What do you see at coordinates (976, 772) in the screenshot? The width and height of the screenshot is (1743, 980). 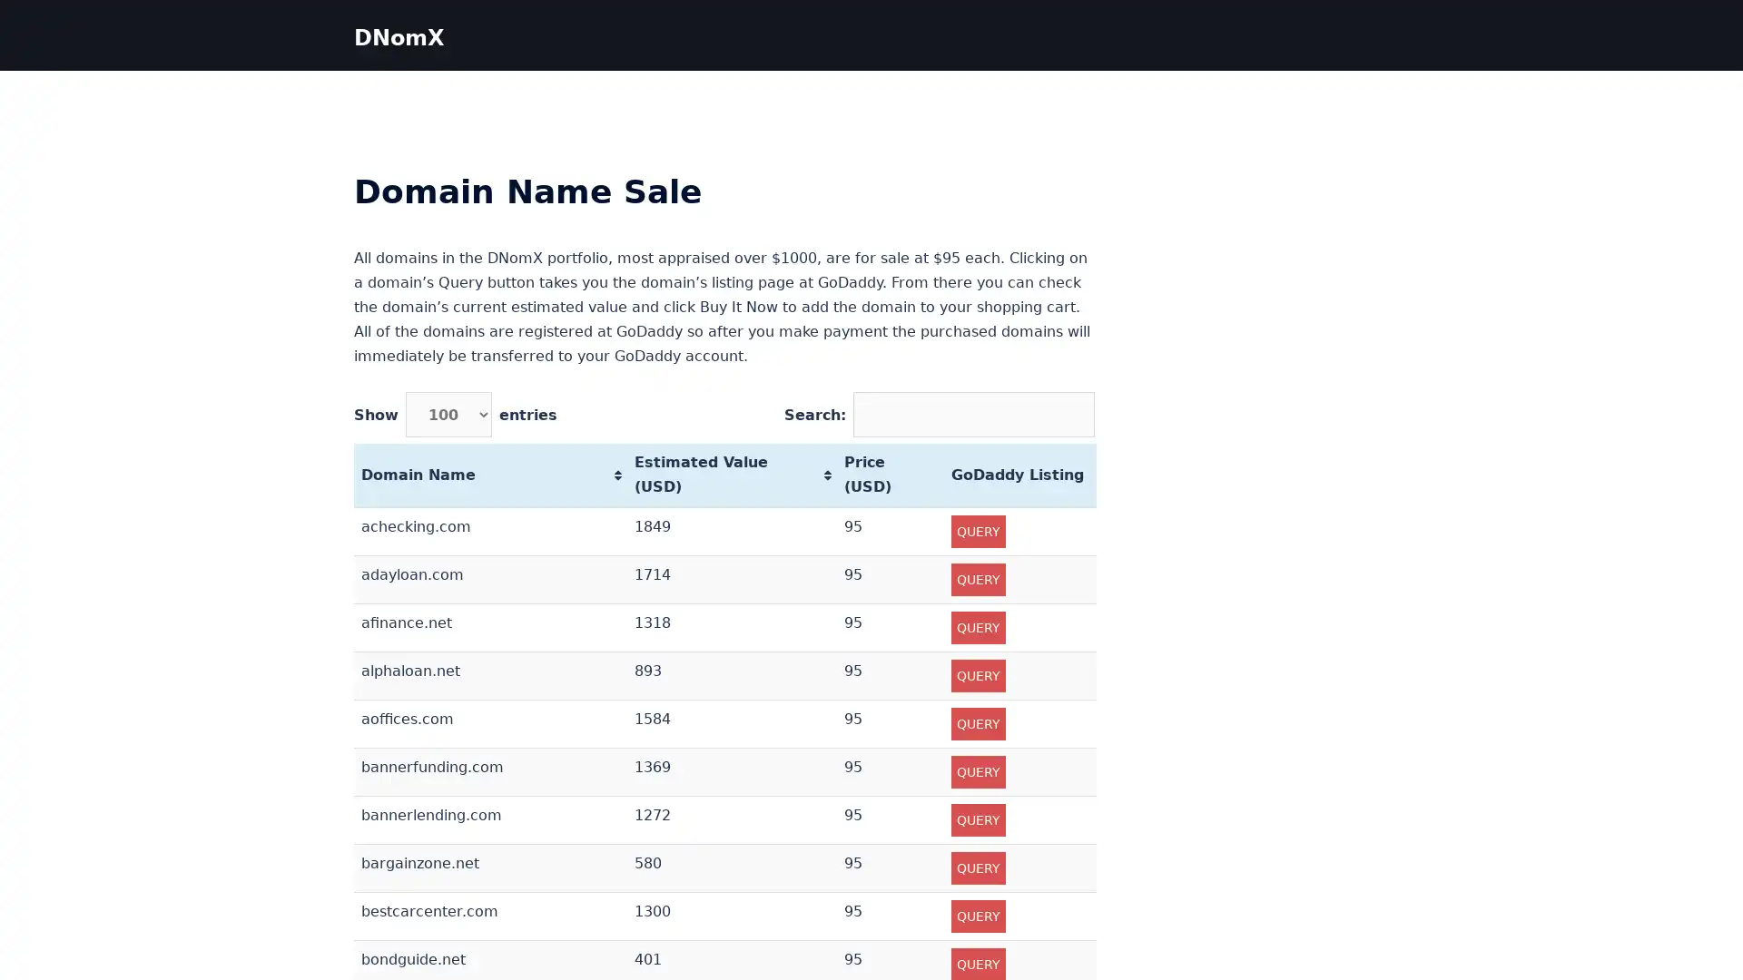 I see `QUERY` at bounding box center [976, 772].